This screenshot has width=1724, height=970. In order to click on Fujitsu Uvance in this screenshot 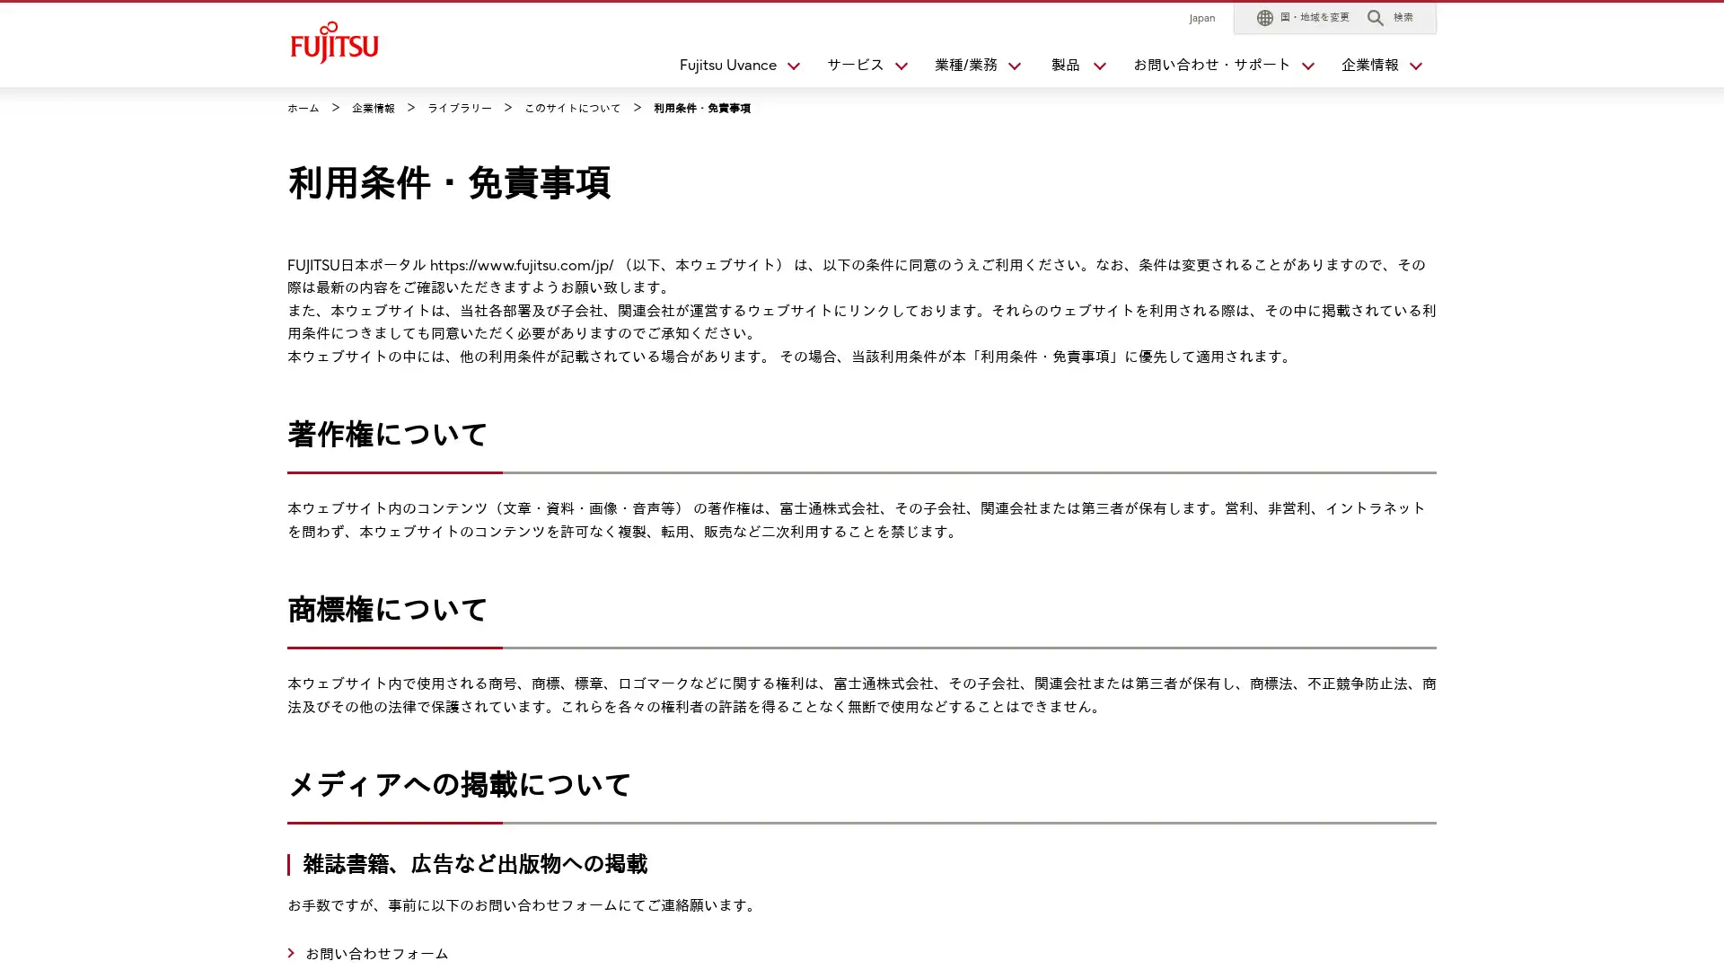, I will do `click(732, 68)`.